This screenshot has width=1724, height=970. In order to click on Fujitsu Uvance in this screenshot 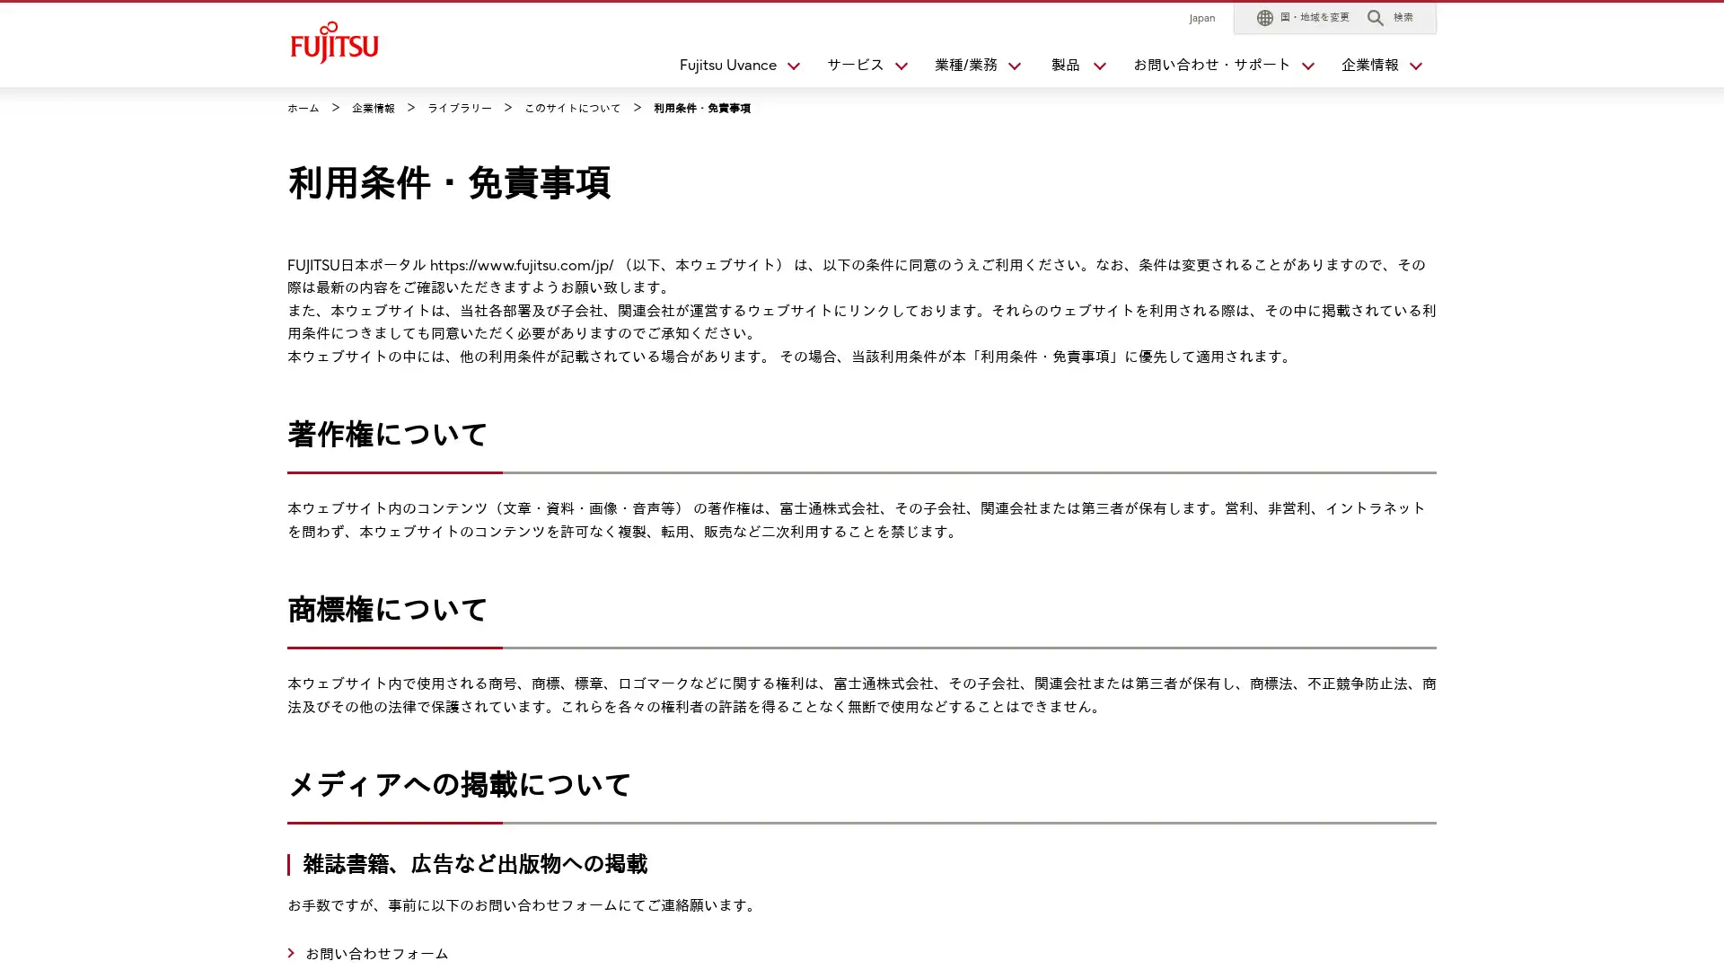, I will do `click(732, 68)`.